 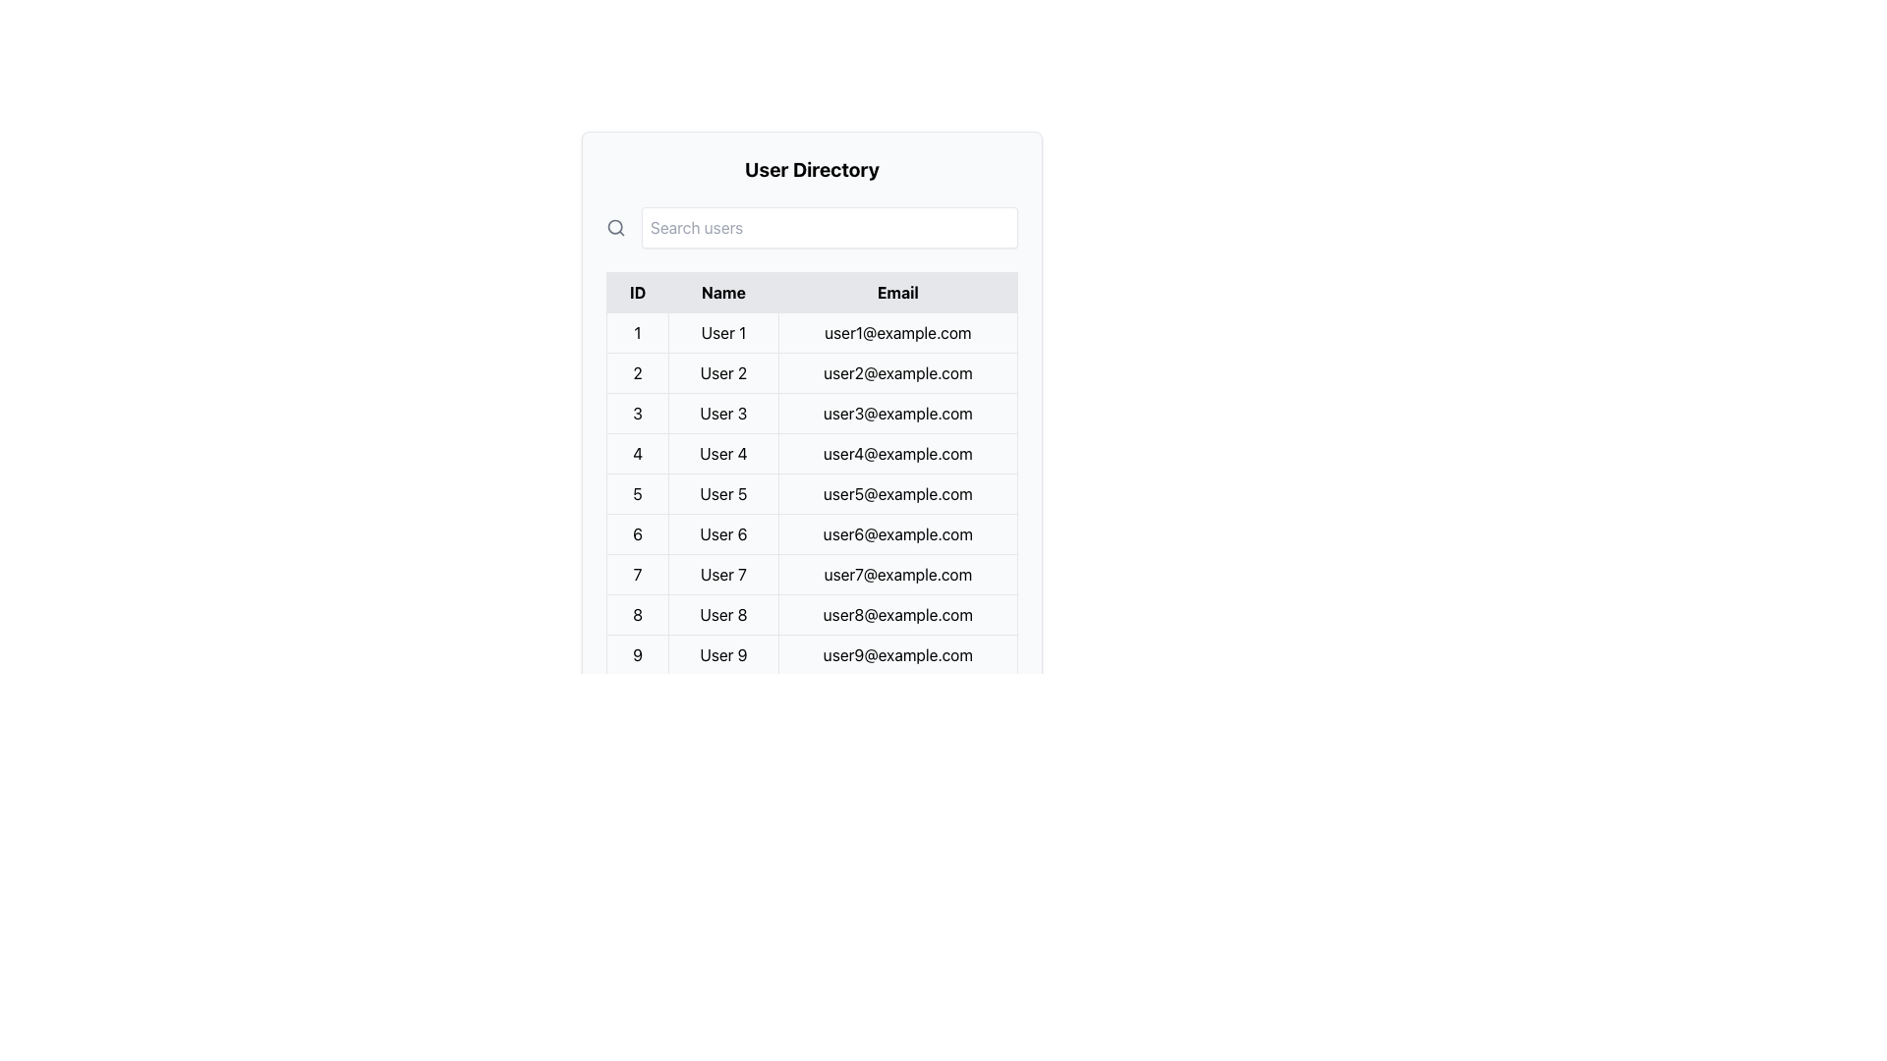 I want to click on the text field located in the fifth row of the 'ID' column in the table, which contains the number '5', so click(x=637, y=492).